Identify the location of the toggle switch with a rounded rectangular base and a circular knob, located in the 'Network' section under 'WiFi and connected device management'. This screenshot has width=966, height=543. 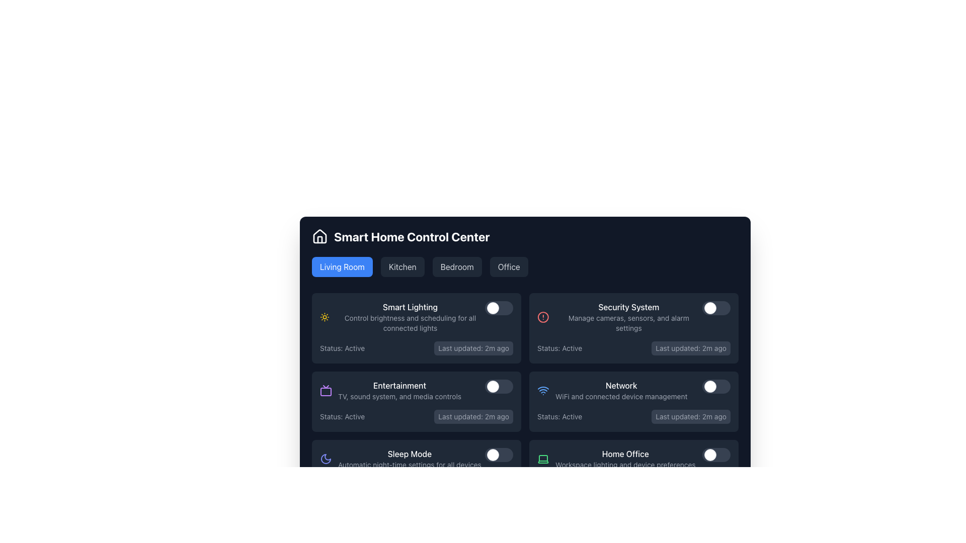
(716, 386).